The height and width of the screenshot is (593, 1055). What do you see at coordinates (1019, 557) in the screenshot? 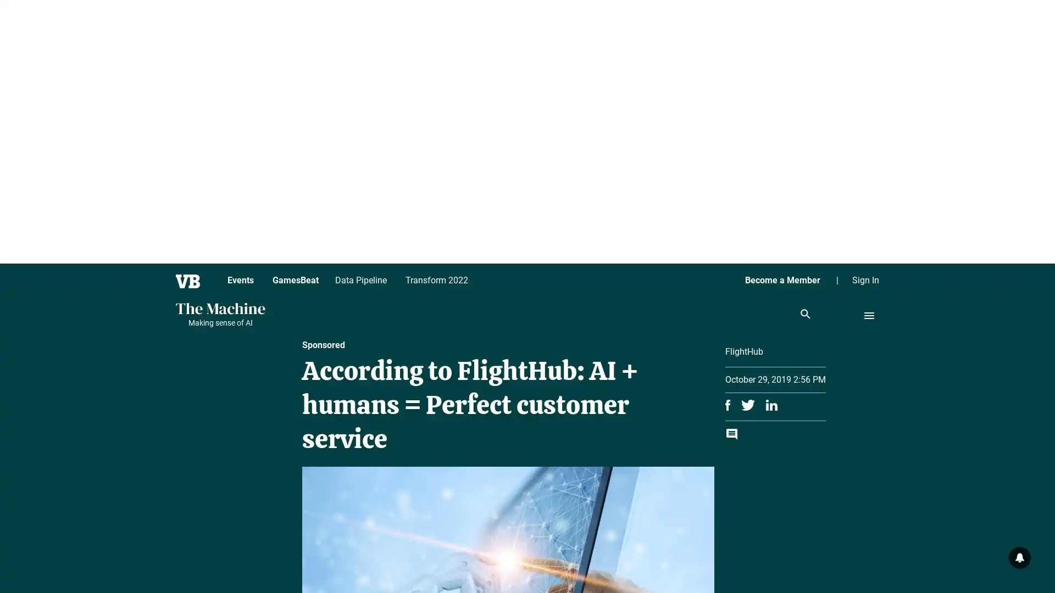
I see `View your notifications and profile settings` at bounding box center [1019, 557].